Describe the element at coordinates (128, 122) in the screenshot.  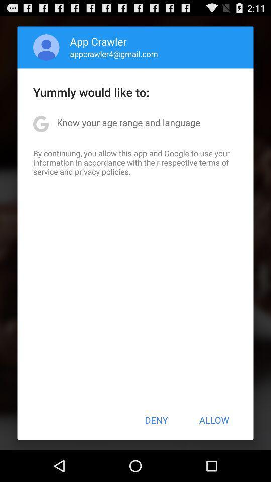
I see `the app below yummly would like item` at that location.